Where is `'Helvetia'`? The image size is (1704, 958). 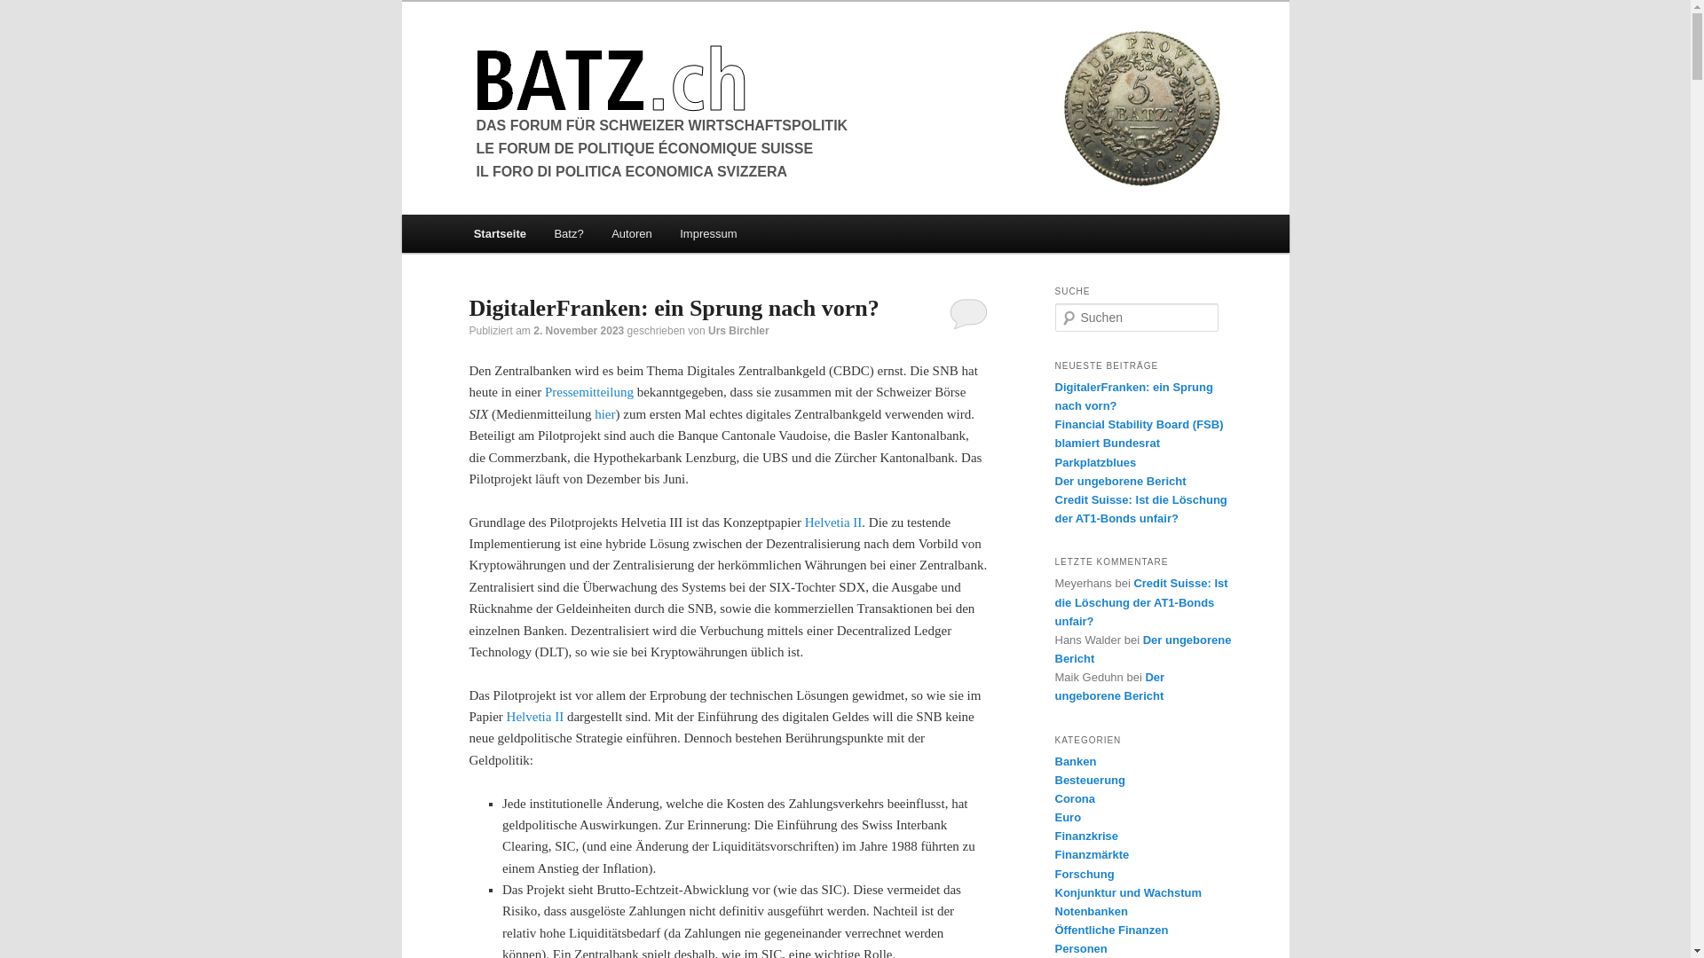
'Helvetia' is located at coordinates (528, 715).